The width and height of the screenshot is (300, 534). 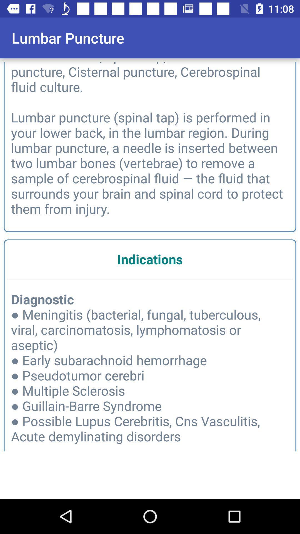 I want to click on other names spinal item, so click(x=150, y=138).